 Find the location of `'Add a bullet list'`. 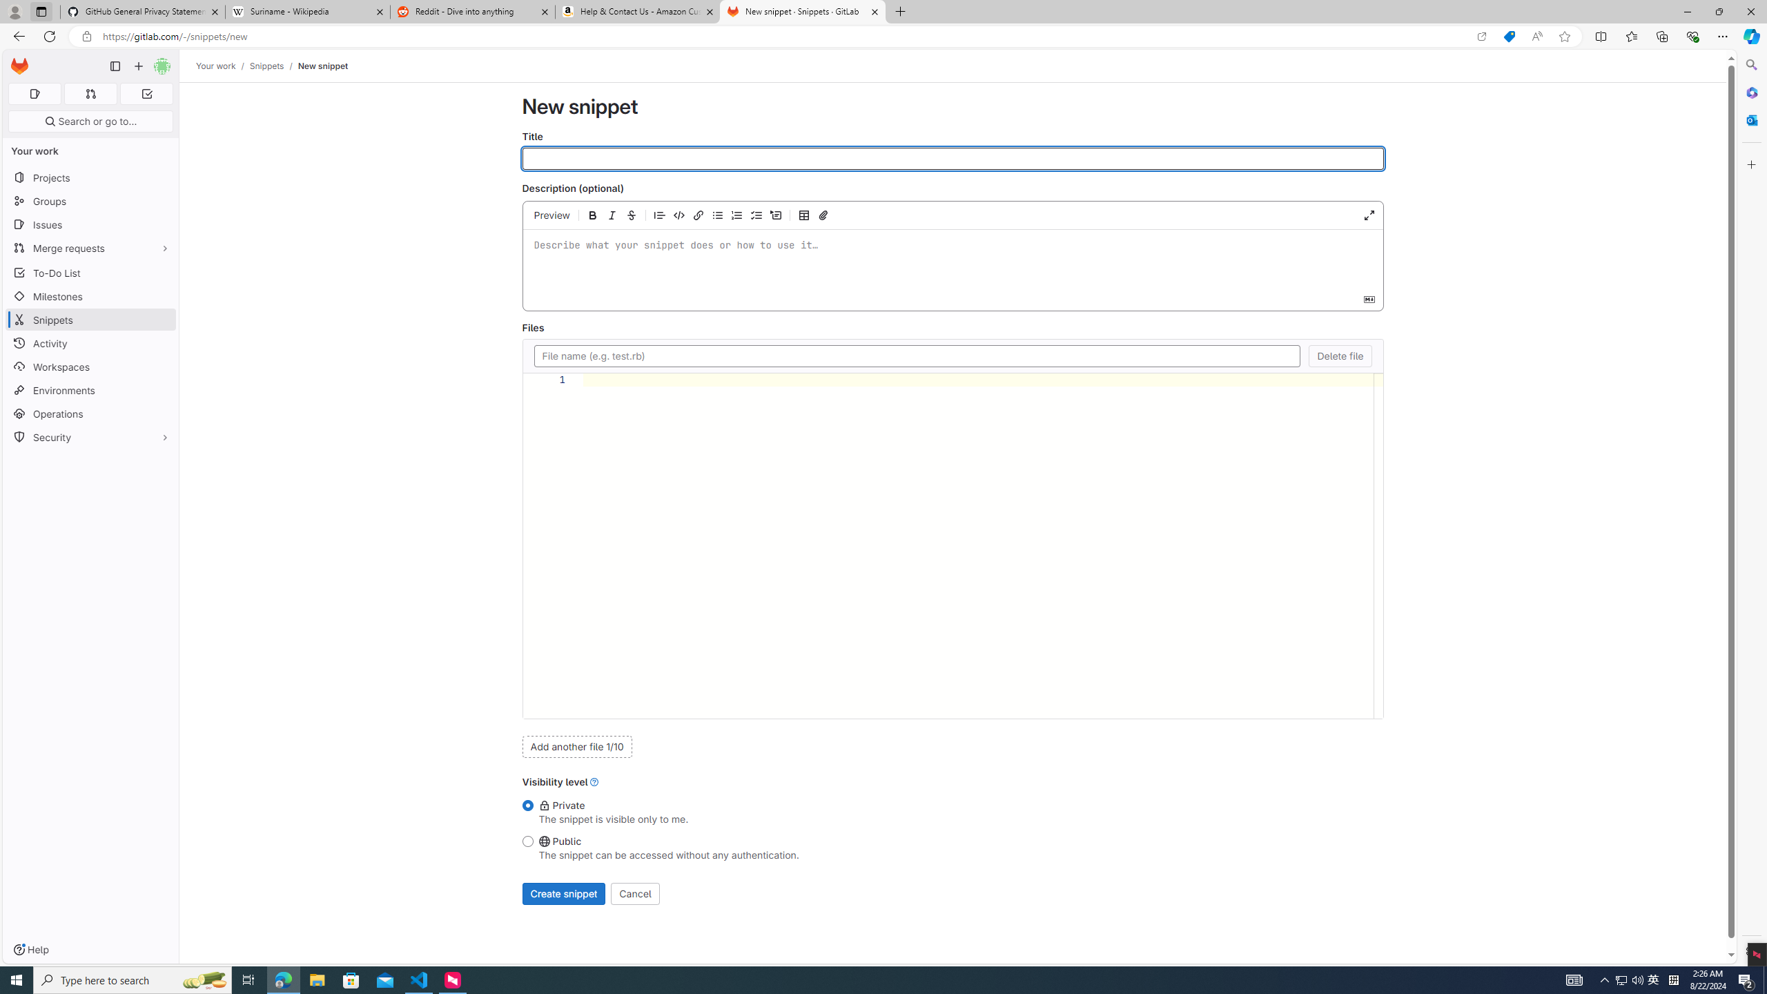

'Add a bullet list' is located at coordinates (717, 214).